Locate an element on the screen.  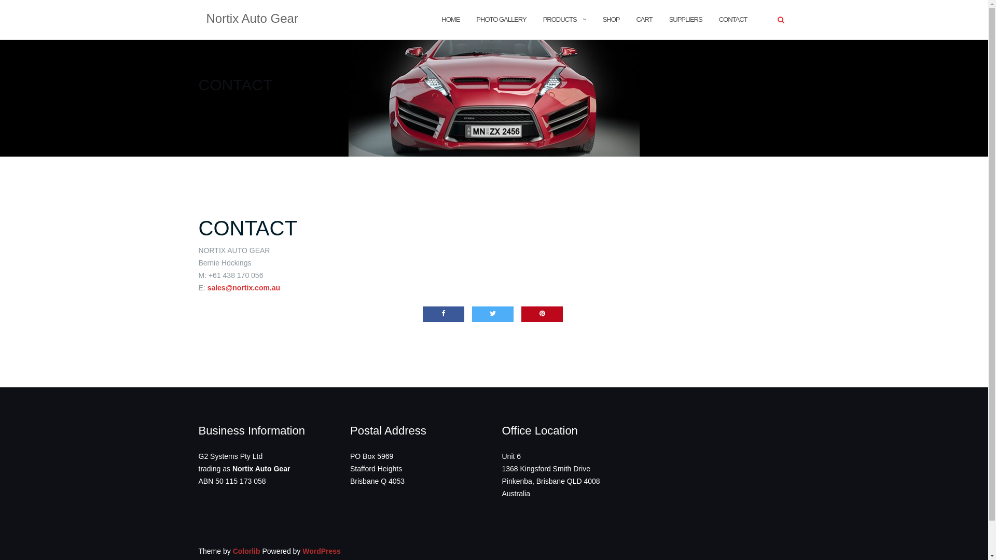
'Nortix Auto Gear' is located at coordinates (252, 20).